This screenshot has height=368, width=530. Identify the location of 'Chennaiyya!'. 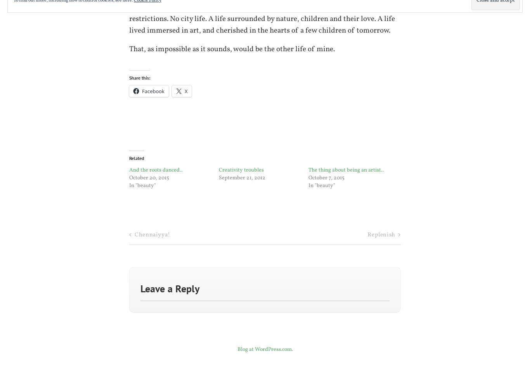
(152, 234).